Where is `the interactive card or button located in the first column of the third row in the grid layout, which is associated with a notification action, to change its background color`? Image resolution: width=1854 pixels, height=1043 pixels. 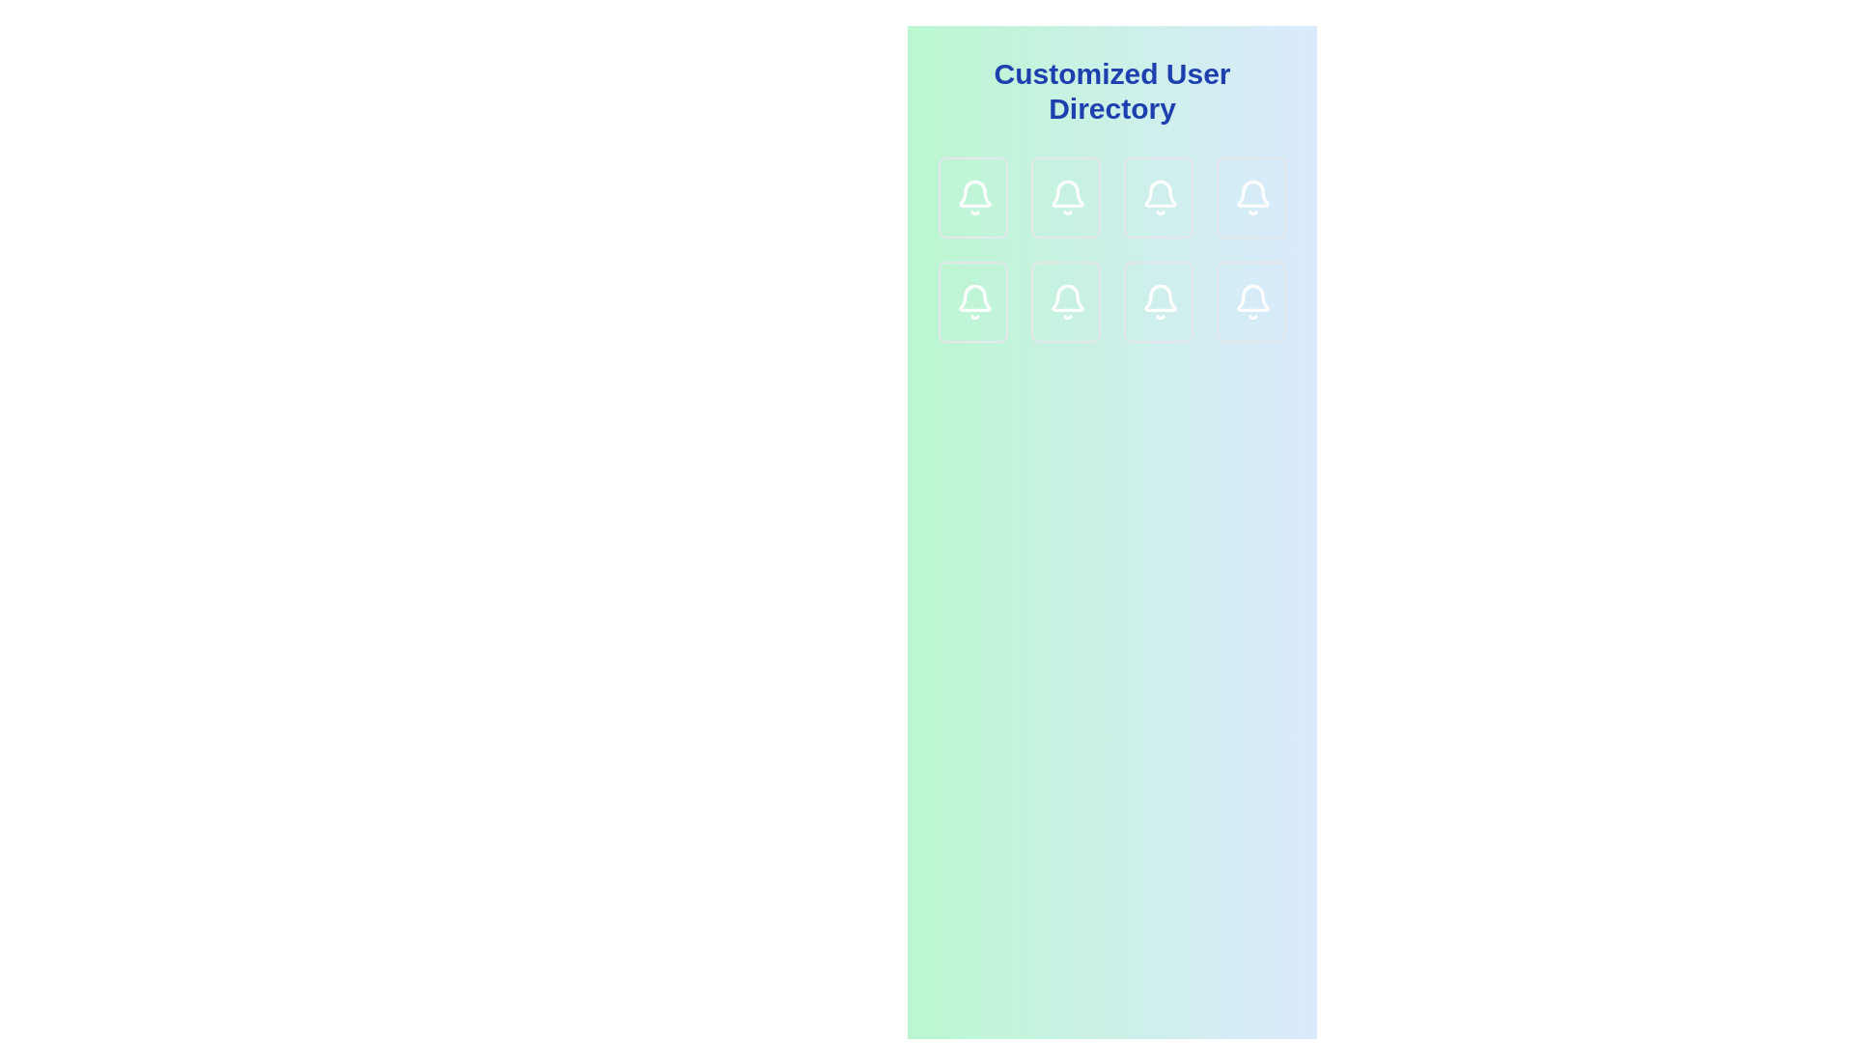
the interactive card or button located in the first column of the third row in the grid layout, which is associated with a notification action, to change its background color is located at coordinates (973, 301).